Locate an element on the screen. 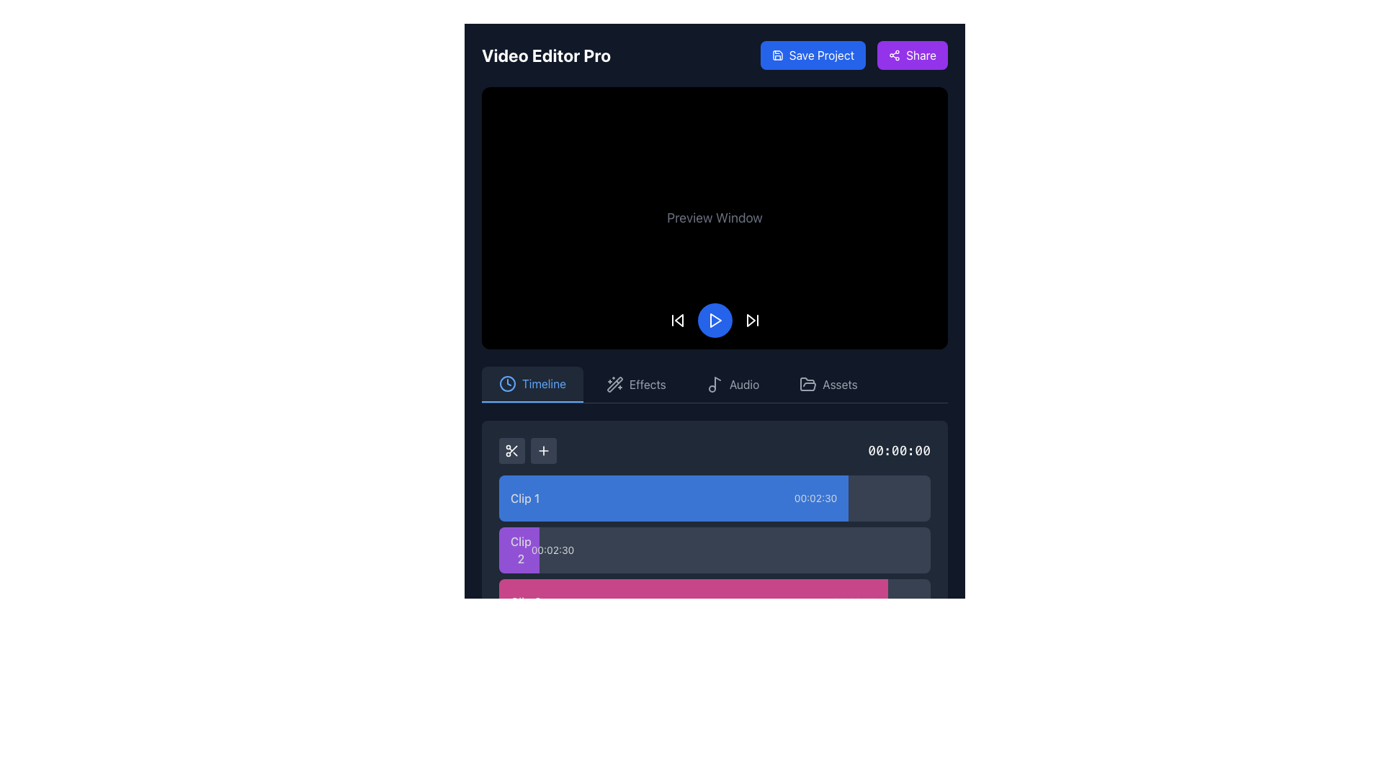 Image resolution: width=1383 pixels, height=778 pixels. the Timeline Clip labeled 'Clip 1' with a duration of '00:02:30' is located at coordinates (673, 497).